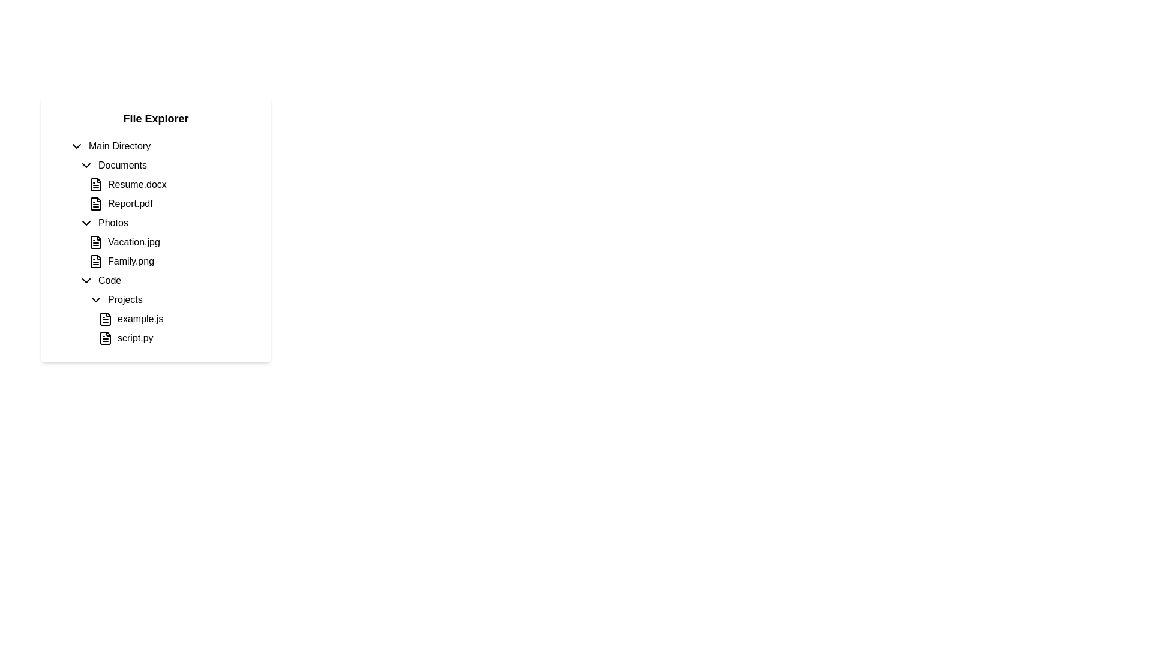 The image size is (1152, 648). I want to click on to select the file entry labeled 'Family.png', which is the second item under the 'Photos' section of the file explorer, so click(164, 260).